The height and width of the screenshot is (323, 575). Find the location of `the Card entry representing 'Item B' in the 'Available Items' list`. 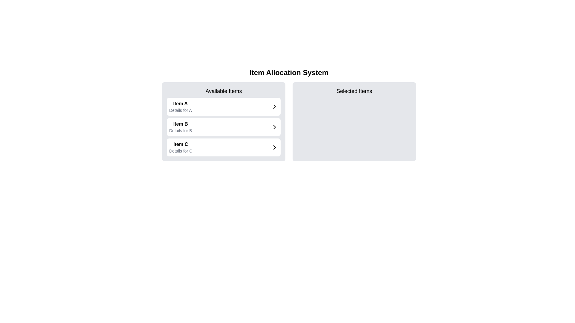

the Card entry representing 'Item B' in the 'Available Items' list is located at coordinates (223, 127).